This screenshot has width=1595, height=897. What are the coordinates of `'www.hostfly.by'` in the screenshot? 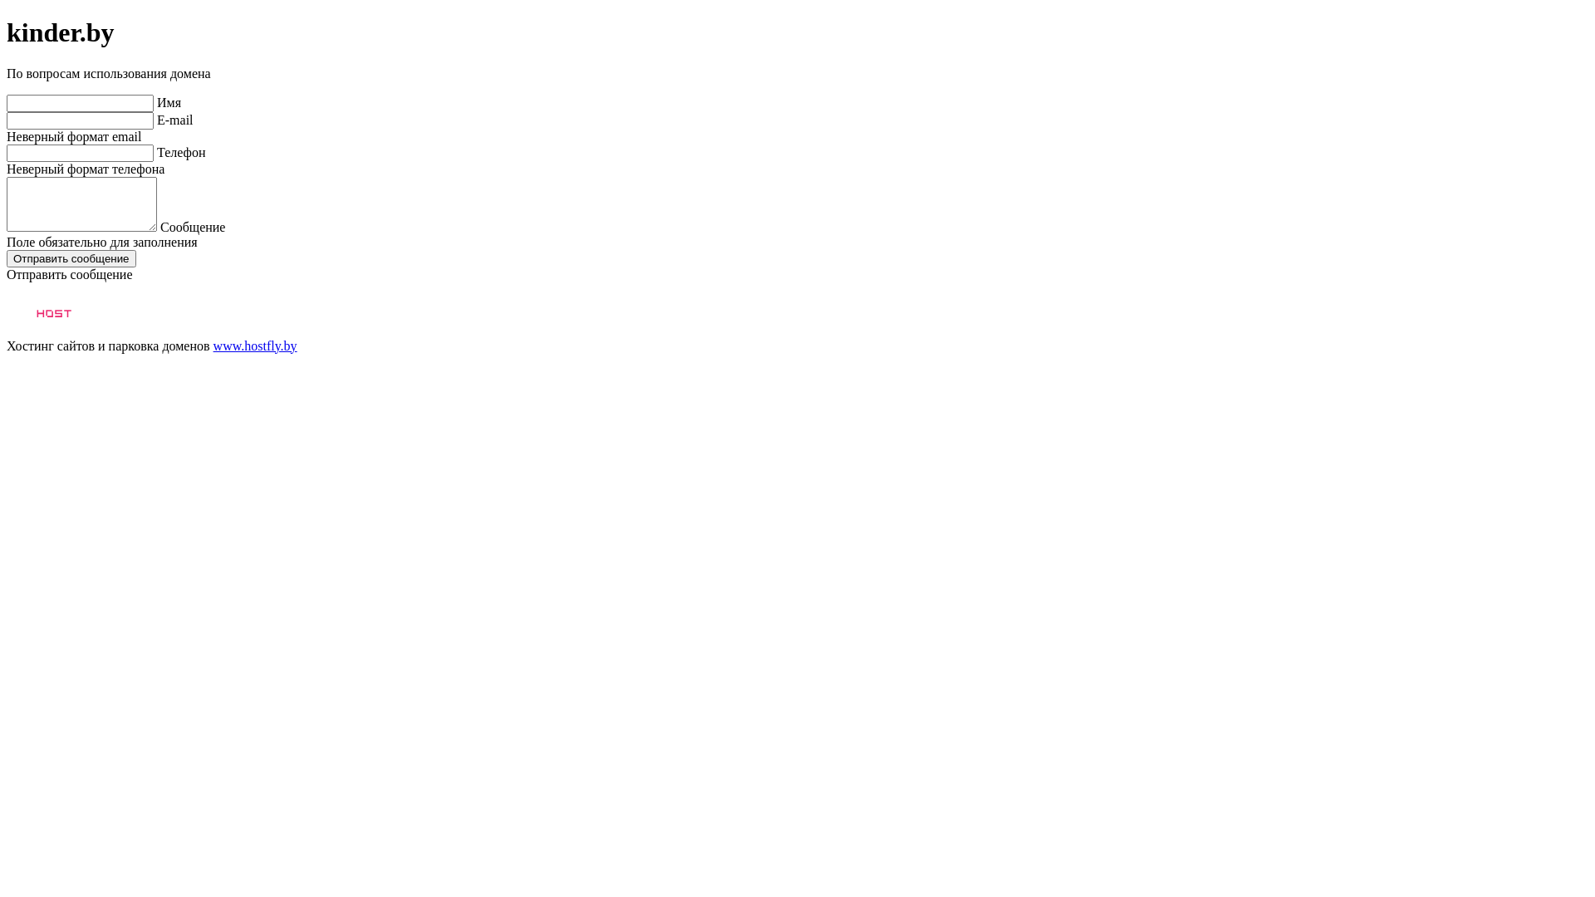 It's located at (254, 345).